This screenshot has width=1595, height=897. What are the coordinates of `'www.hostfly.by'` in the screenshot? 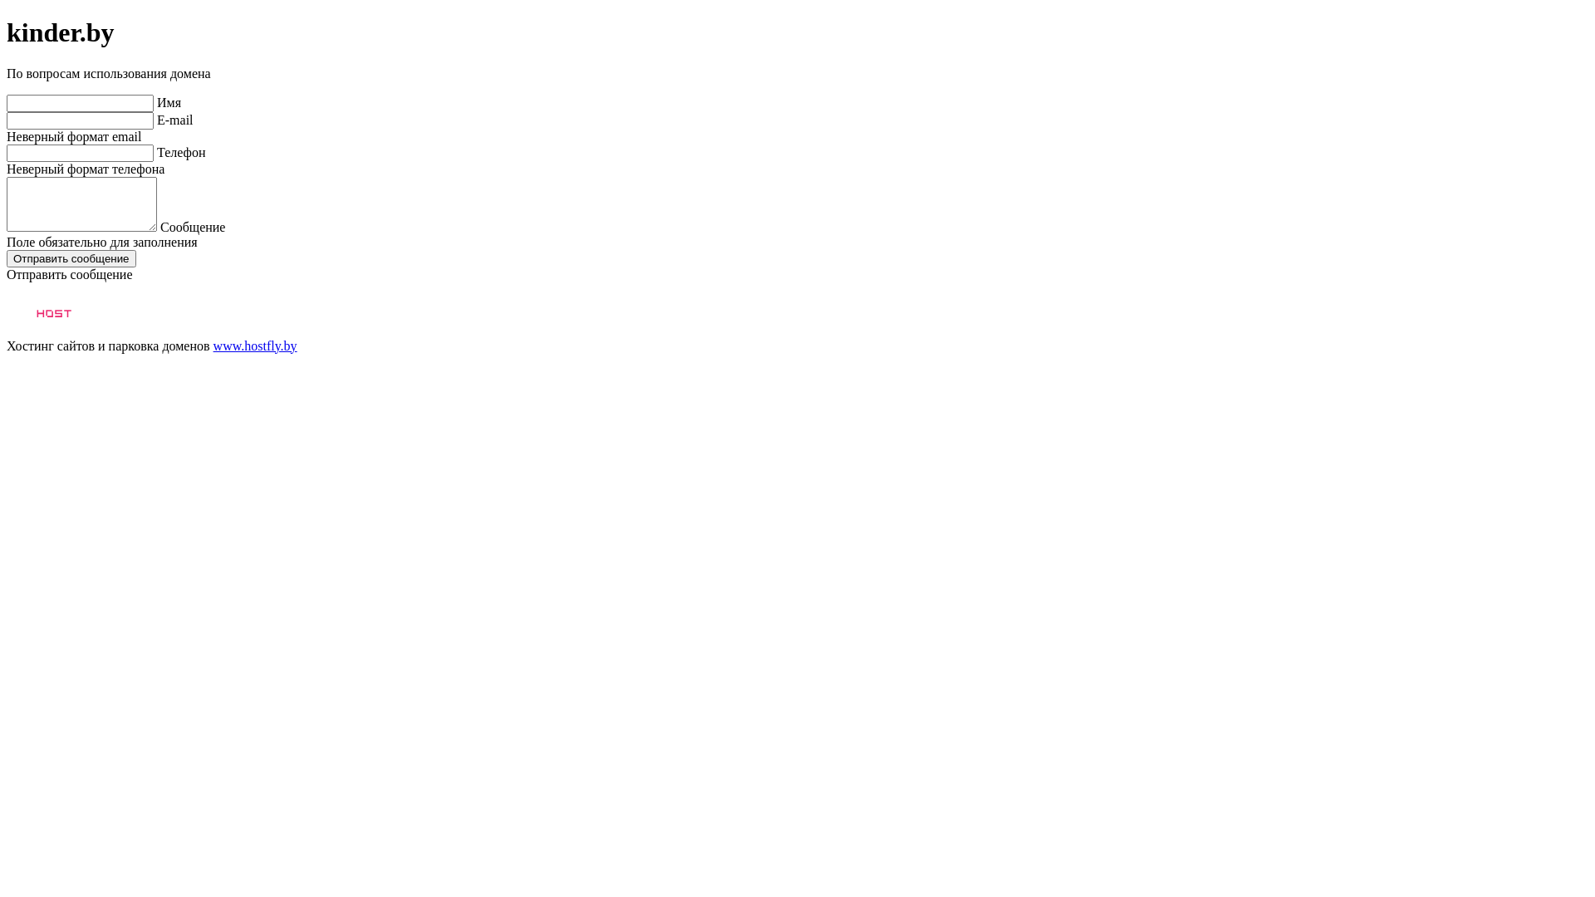 It's located at (254, 345).